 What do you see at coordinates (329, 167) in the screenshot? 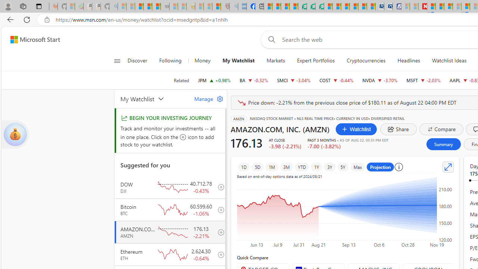
I see `'3Y'` at bounding box center [329, 167].